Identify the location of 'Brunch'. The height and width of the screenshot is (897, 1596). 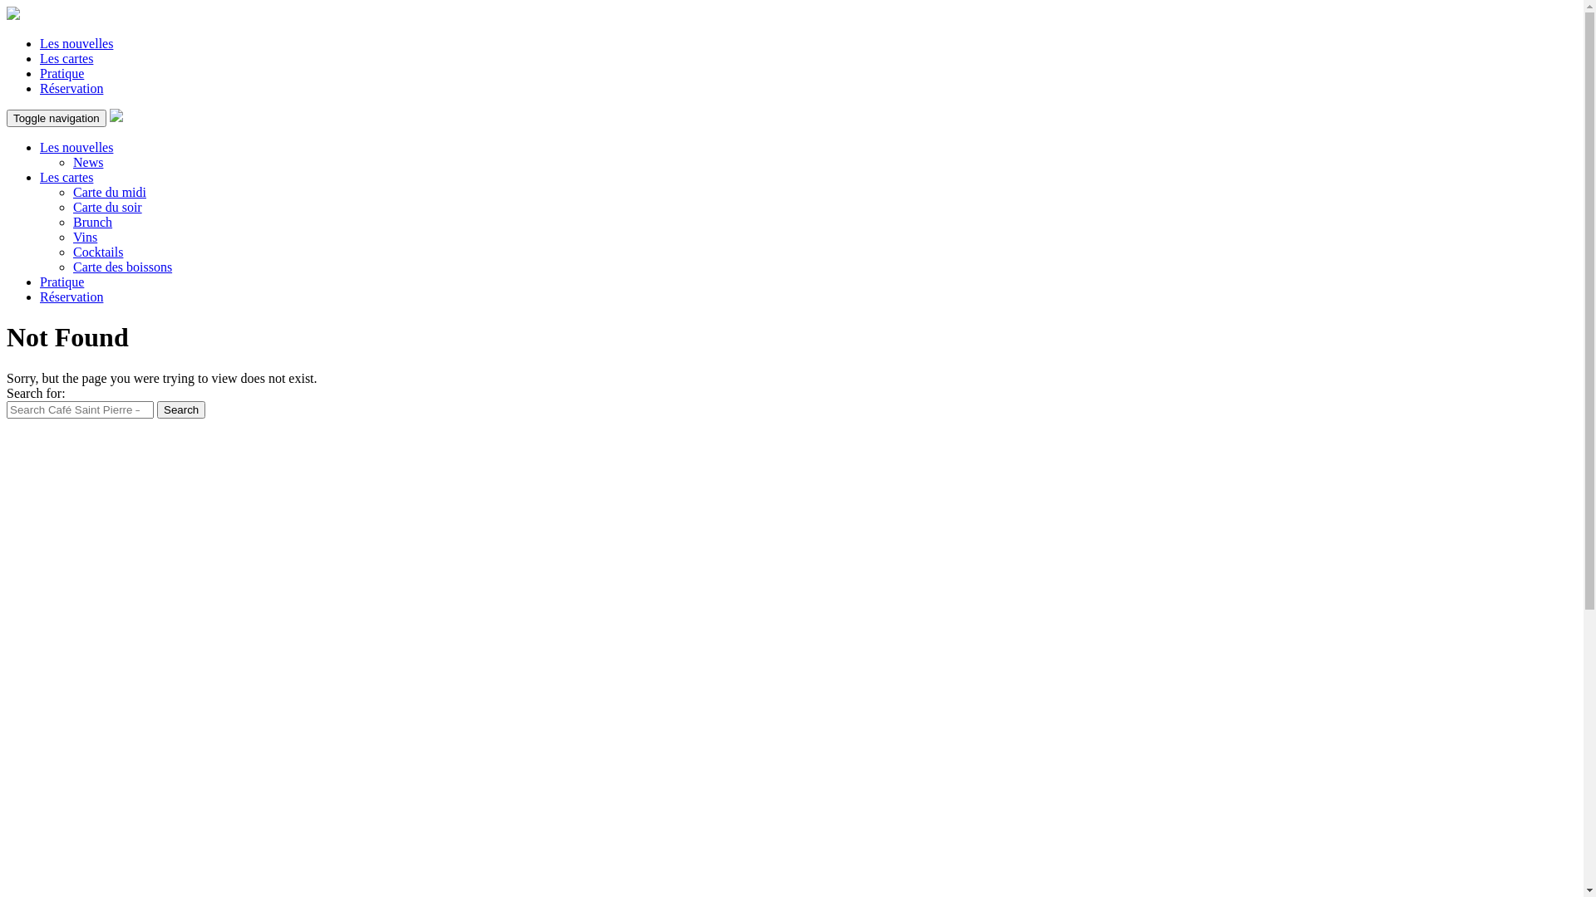
(91, 221).